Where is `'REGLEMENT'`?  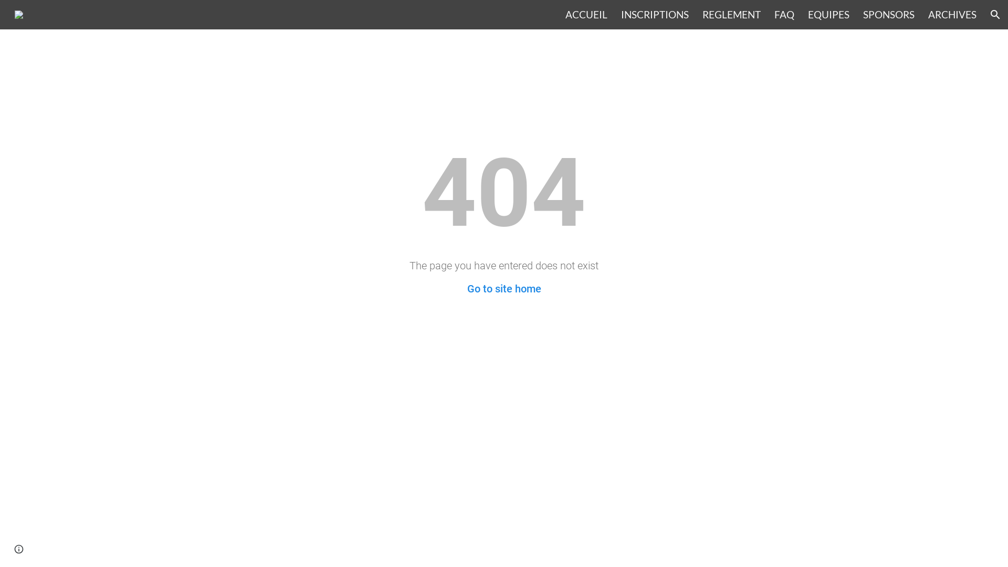 'REGLEMENT' is located at coordinates (702, 14).